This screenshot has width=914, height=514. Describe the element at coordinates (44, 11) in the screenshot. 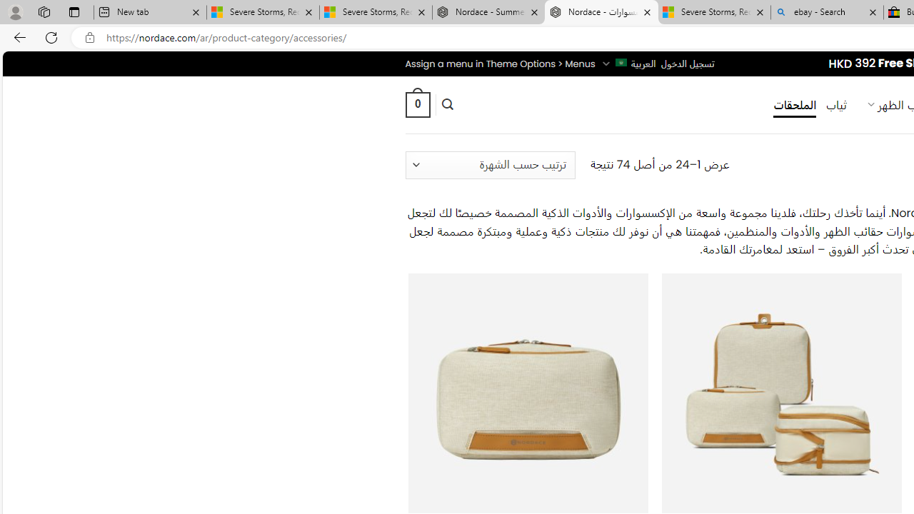

I see `'Workspaces'` at that location.